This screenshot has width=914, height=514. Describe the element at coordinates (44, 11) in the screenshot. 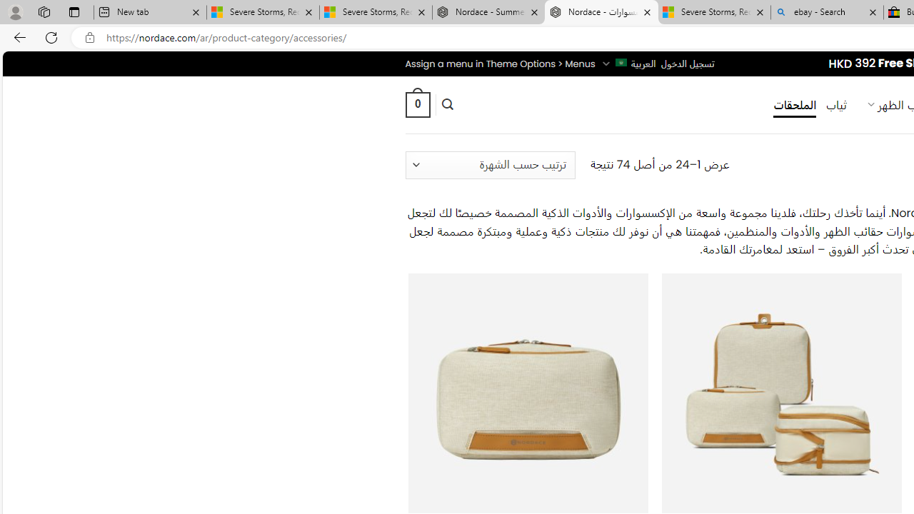

I see `'Workspaces'` at that location.